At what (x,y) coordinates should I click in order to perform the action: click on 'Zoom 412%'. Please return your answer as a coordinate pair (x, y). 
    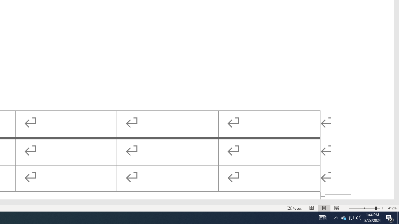
    Looking at the image, I should click on (392, 208).